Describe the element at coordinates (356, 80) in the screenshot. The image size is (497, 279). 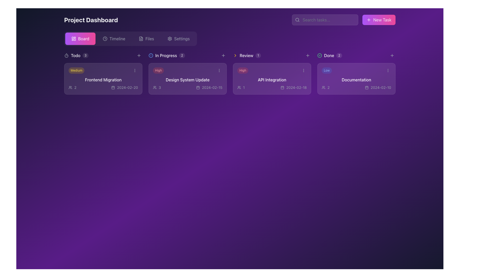
I see `the static text label in the 'Done' section of the task card titled 'Low Documentation 22024-02-10', which is positioned below the 'Low' label and above the information text '2 2024-02-10'` at that location.